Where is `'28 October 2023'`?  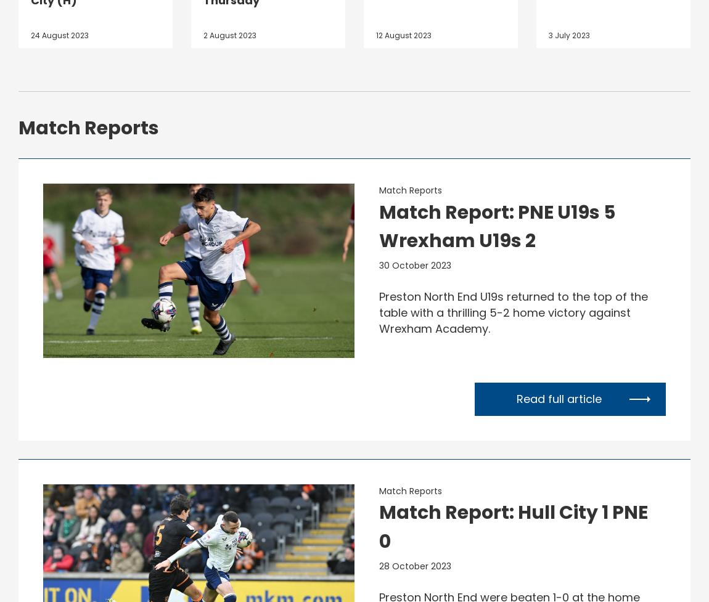
'28 October 2023' is located at coordinates (414, 564).